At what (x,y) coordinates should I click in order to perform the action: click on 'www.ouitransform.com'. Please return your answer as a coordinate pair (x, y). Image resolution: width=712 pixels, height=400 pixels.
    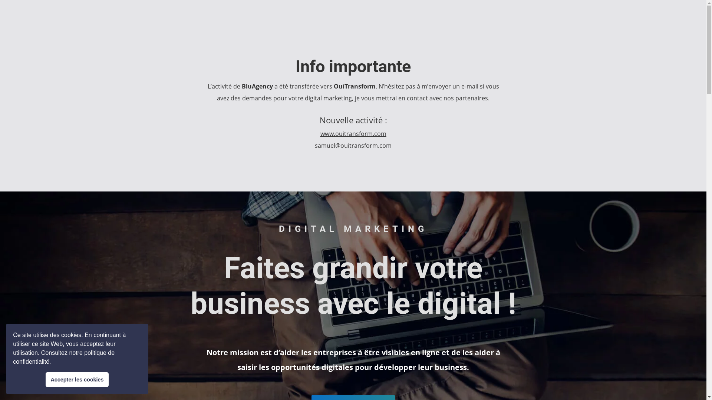
    Looking at the image, I should click on (353, 134).